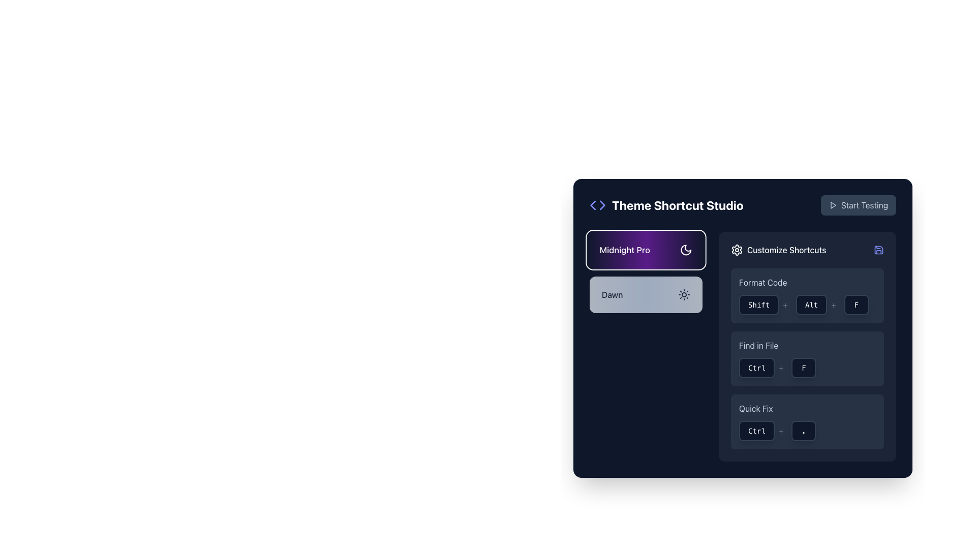 The image size is (976, 549). Describe the element at coordinates (878, 250) in the screenshot. I see `the Save Icon, which resembles a floppy disk and is located at the top-right corner of the interface near the 'Customize Shortcuts' area` at that location.